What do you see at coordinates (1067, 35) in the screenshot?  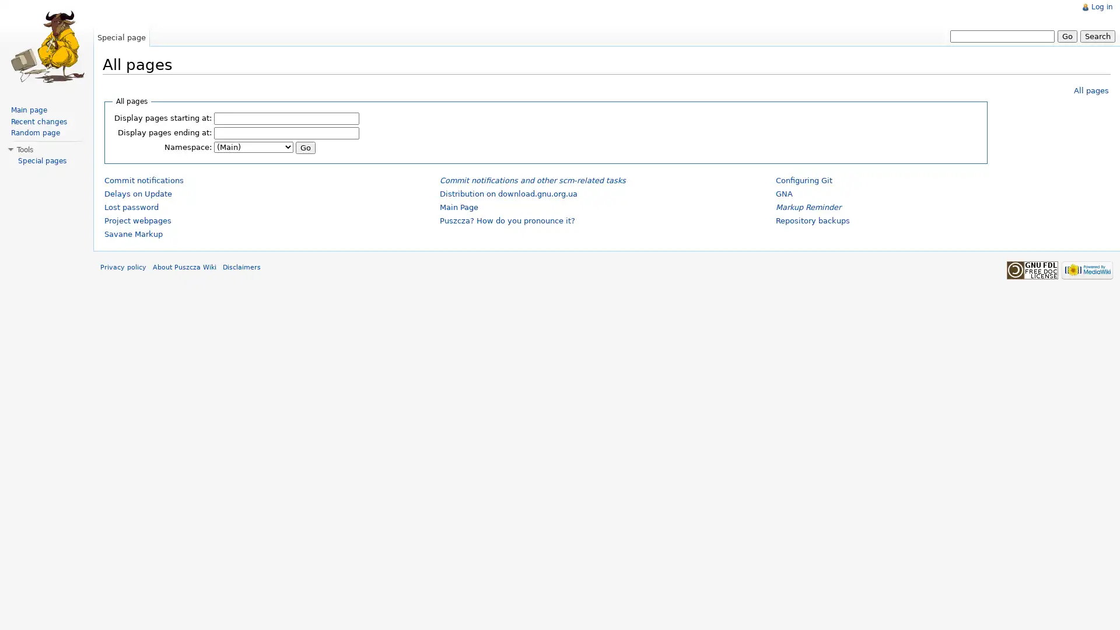 I see `Go` at bounding box center [1067, 35].